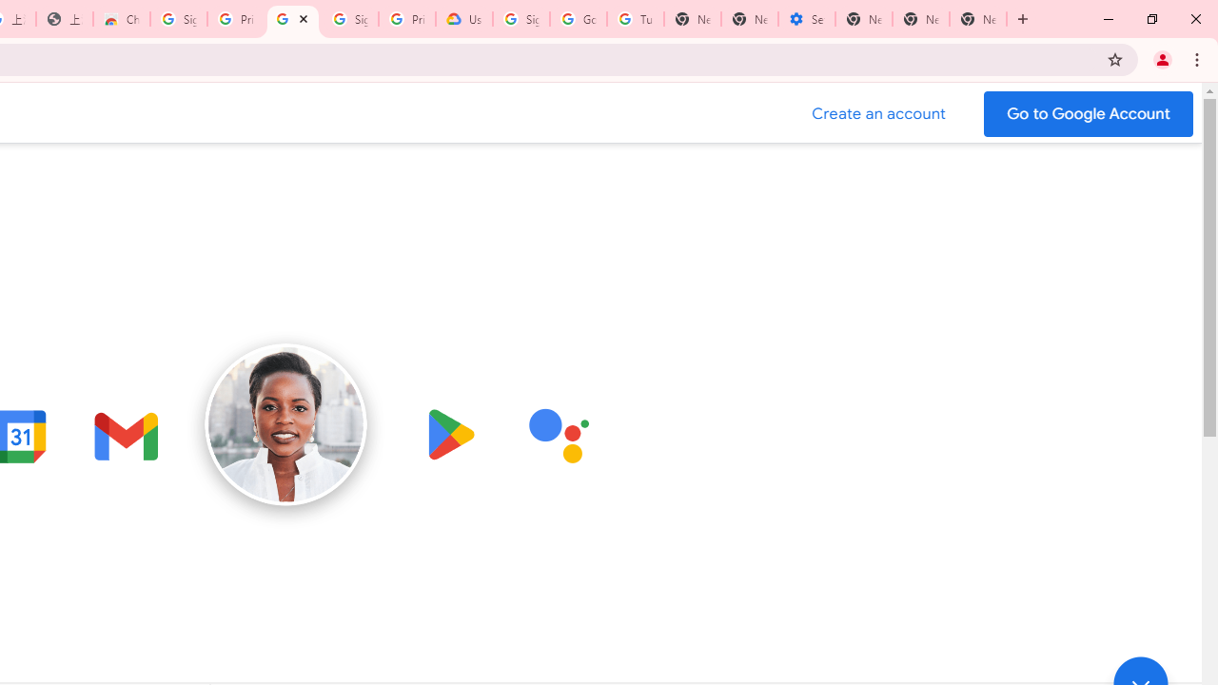 Image resolution: width=1218 pixels, height=685 pixels. What do you see at coordinates (578, 19) in the screenshot?
I see `'Google Account Help'` at bounding box center [578, 19].